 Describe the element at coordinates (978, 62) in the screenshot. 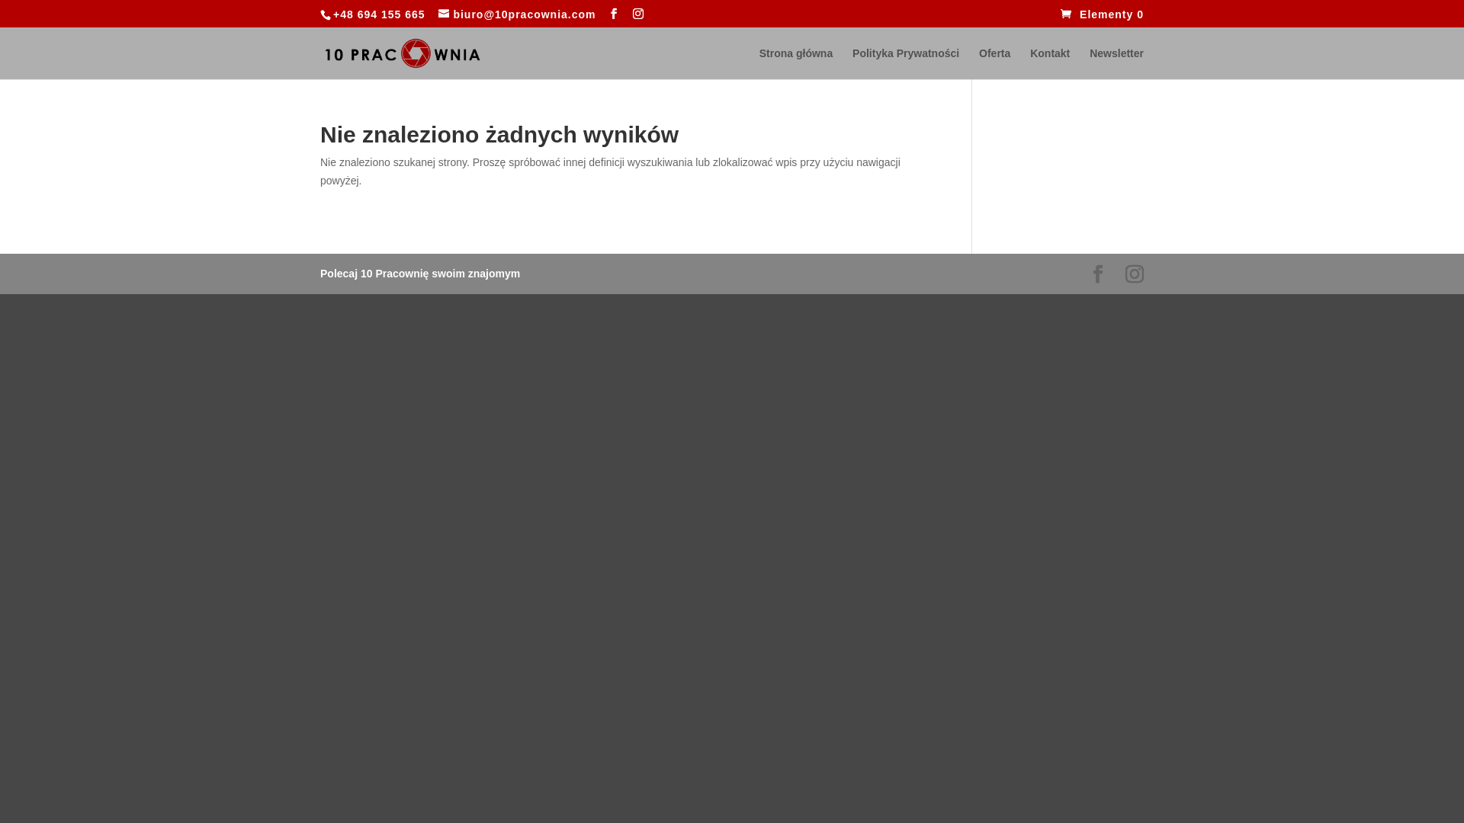

I see `'Oferta'` at that location.